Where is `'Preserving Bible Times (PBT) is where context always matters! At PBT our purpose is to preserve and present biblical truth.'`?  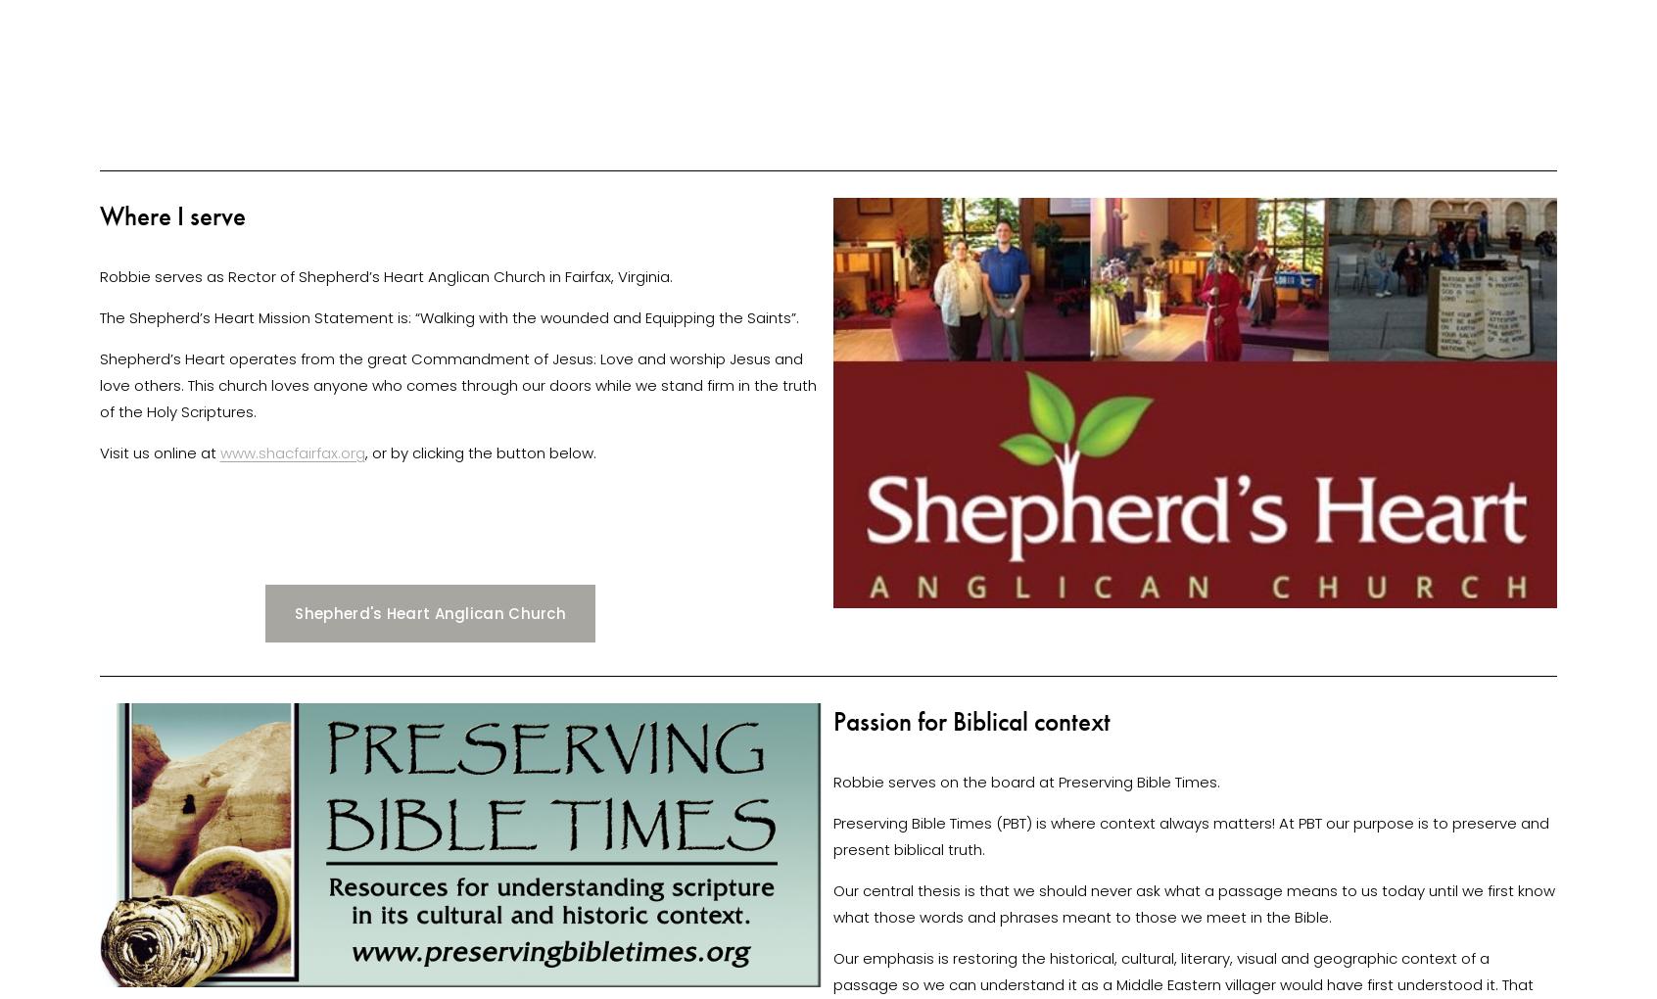
'Preserving Bible Times (PBT) is where context always matters! At PBT our purpose is to preserve and present biblical truth.' is located at coordinates (1193, 834).